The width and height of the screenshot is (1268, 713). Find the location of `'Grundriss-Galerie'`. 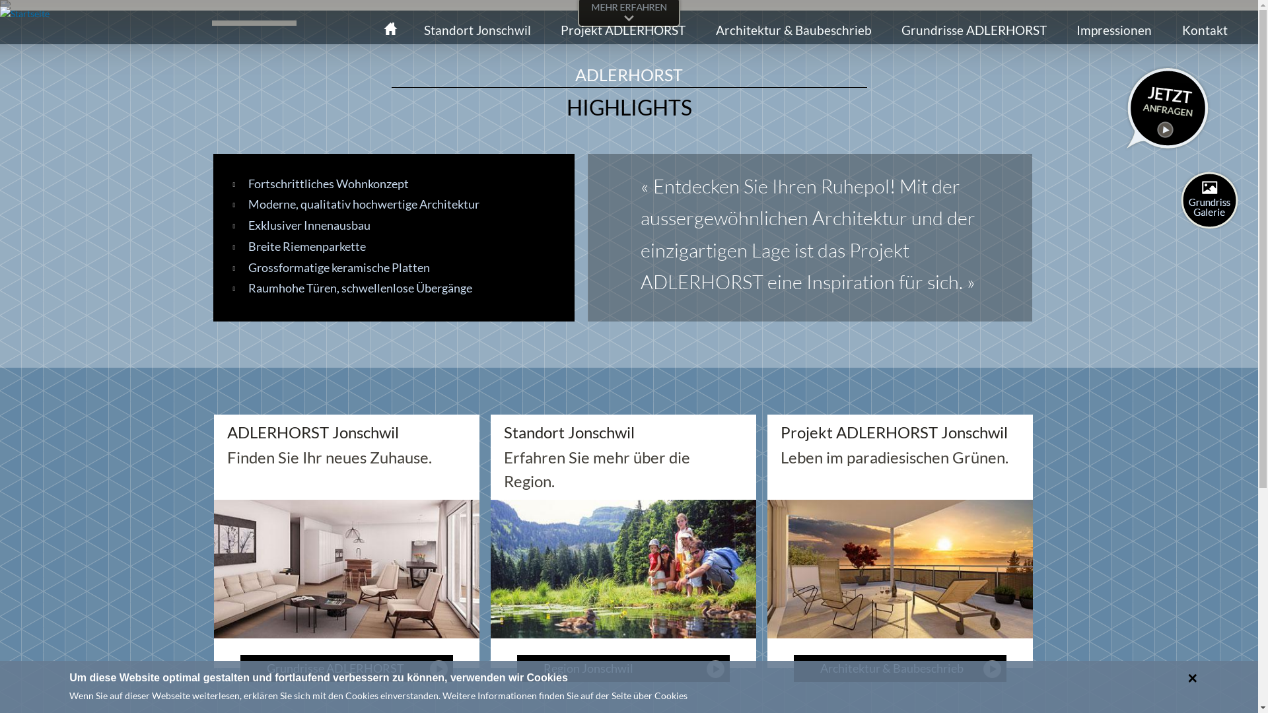

'Grundriss-Galerie' is located at coordinates (1181, 200).